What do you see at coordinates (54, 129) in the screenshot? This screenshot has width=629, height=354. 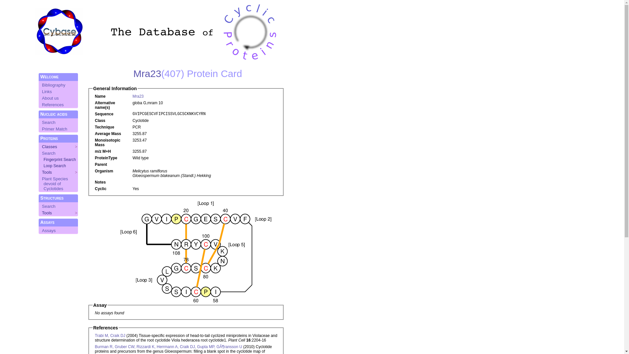 I see `'Primer Match'` at bounding box center [54, 129].